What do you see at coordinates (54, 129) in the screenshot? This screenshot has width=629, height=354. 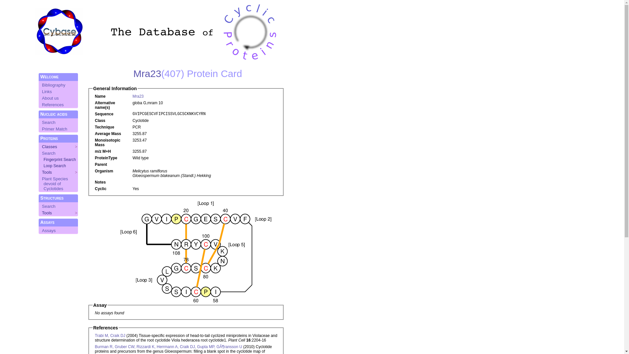 I see `'Primer Match'` at bounding box center [54, 129].